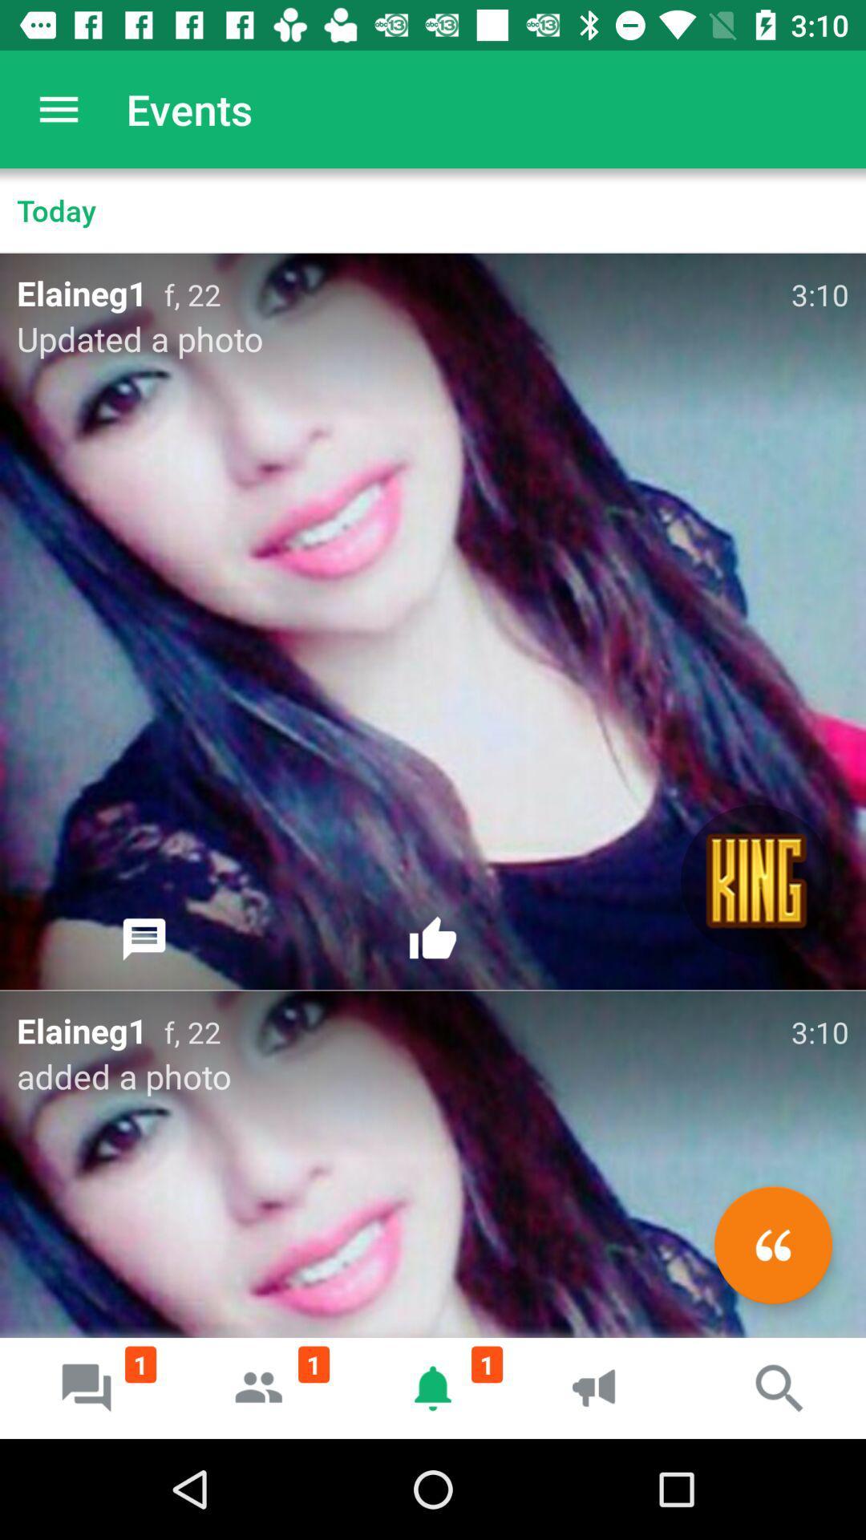 The image size is (866, 1540). Describe the element at coordinates (606, 1388) in the screenshot. I see `the button on the left to the search button on the web page` at that location.